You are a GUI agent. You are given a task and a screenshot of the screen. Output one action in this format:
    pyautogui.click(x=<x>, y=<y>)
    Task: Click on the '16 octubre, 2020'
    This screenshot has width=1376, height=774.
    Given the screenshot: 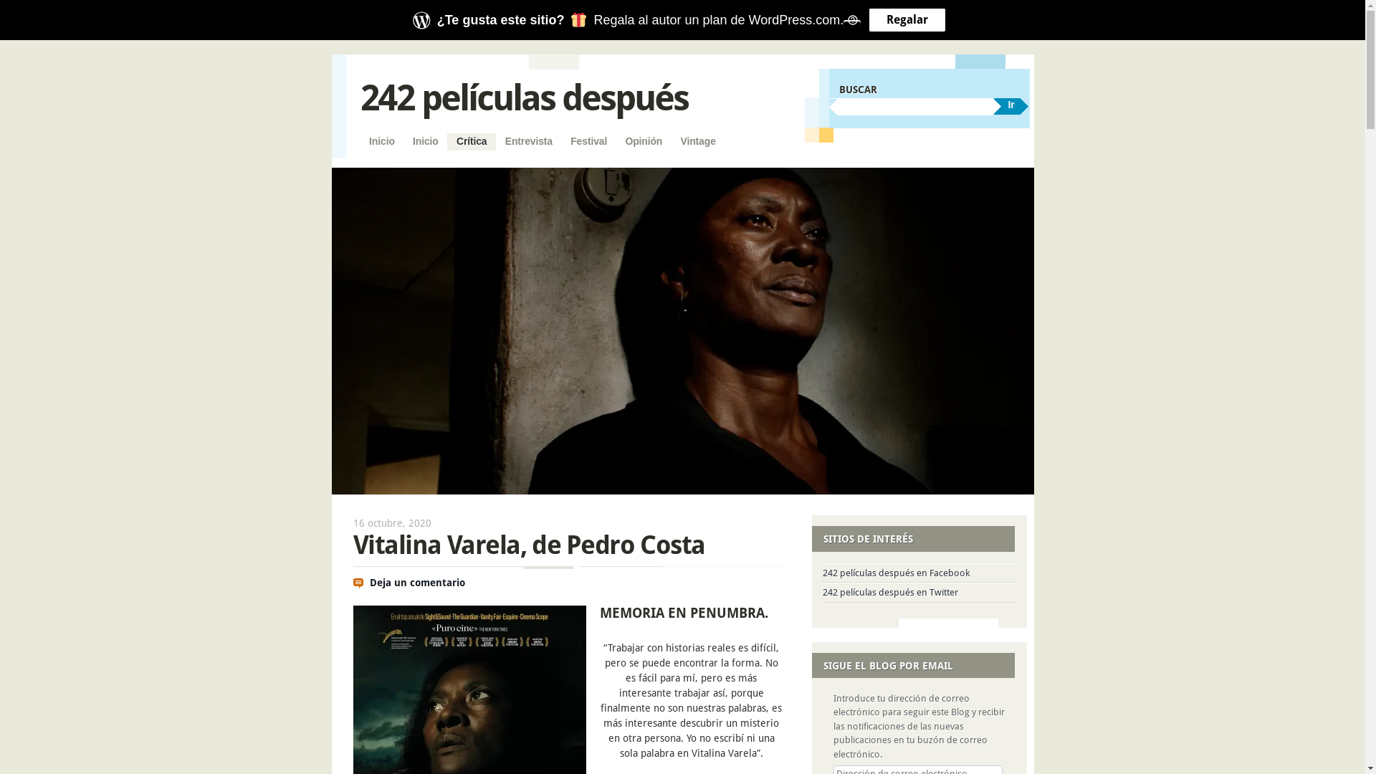 What is the action you would take?
    pyautogui.click(x=391, y=522)
    